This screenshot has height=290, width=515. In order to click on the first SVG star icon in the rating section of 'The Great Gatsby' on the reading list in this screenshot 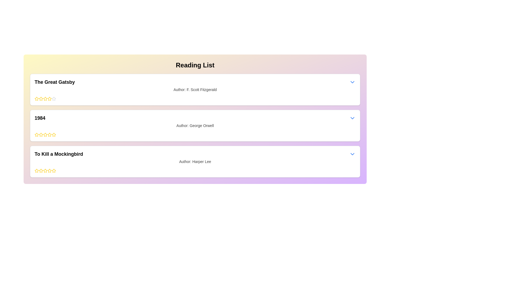, I will do `click(36, 99)`.